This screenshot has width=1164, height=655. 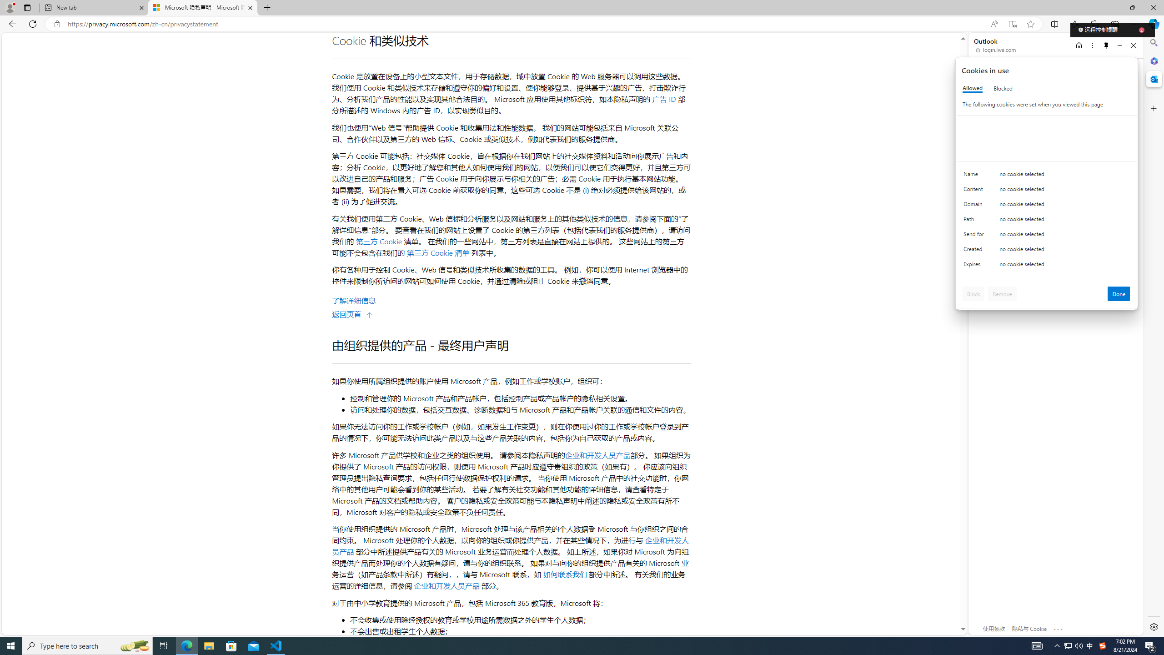 I want to click on 'Done', so click(x=1119, y=294).